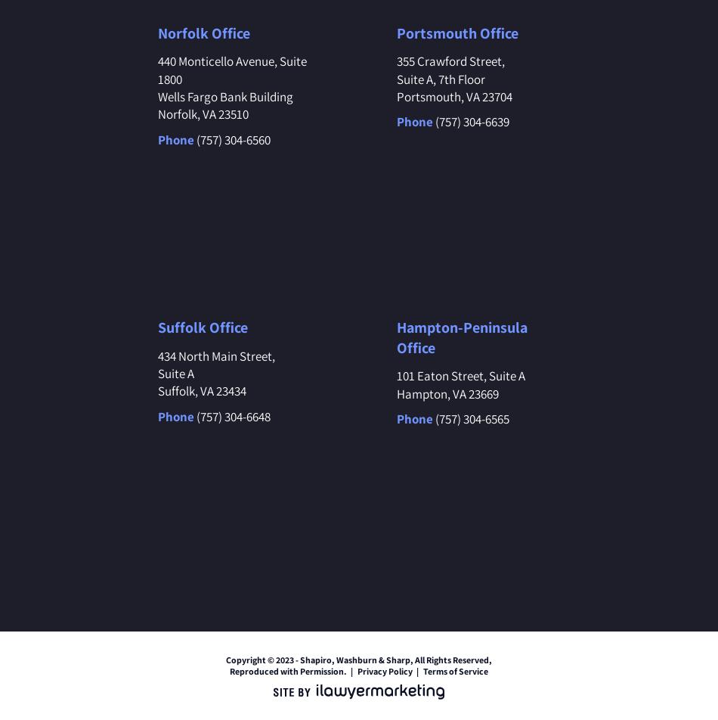 The width and height of the screenshot is (718, 720). What do you see at coordinates (231, 70) in the screenshot?
I see `'440 Monticello Avenue, Suite 1800'` at bounding box center [231, 70].